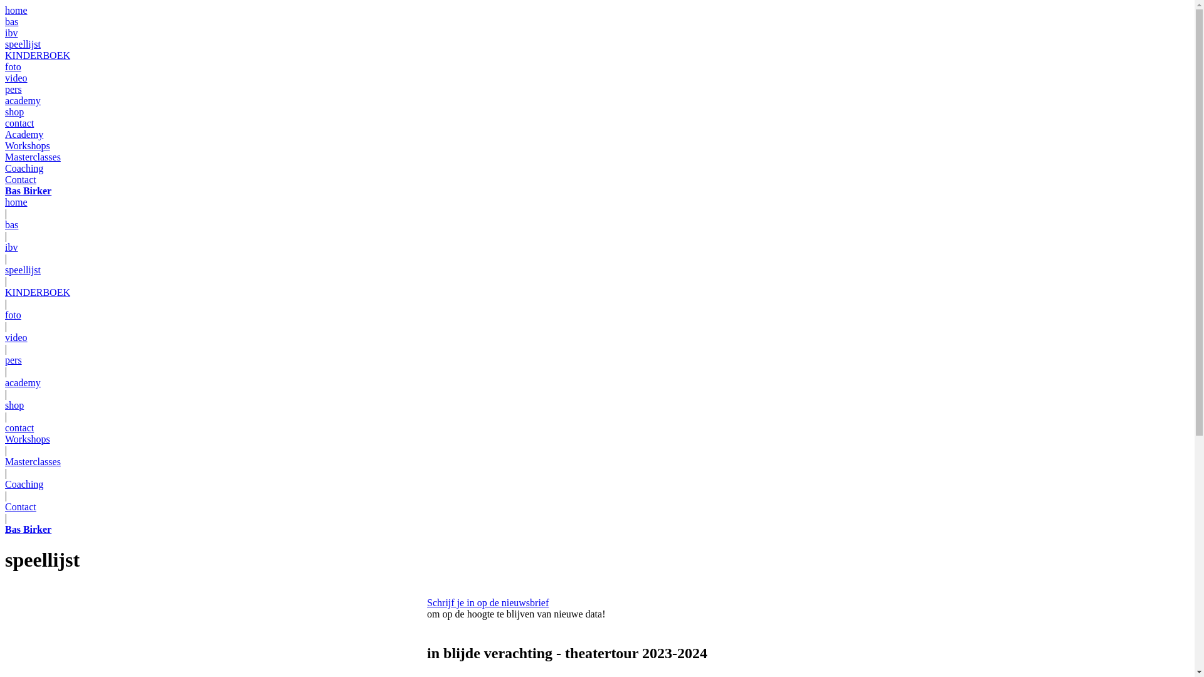  I want to click on 'KINDERBOEK', so click(37, 55).